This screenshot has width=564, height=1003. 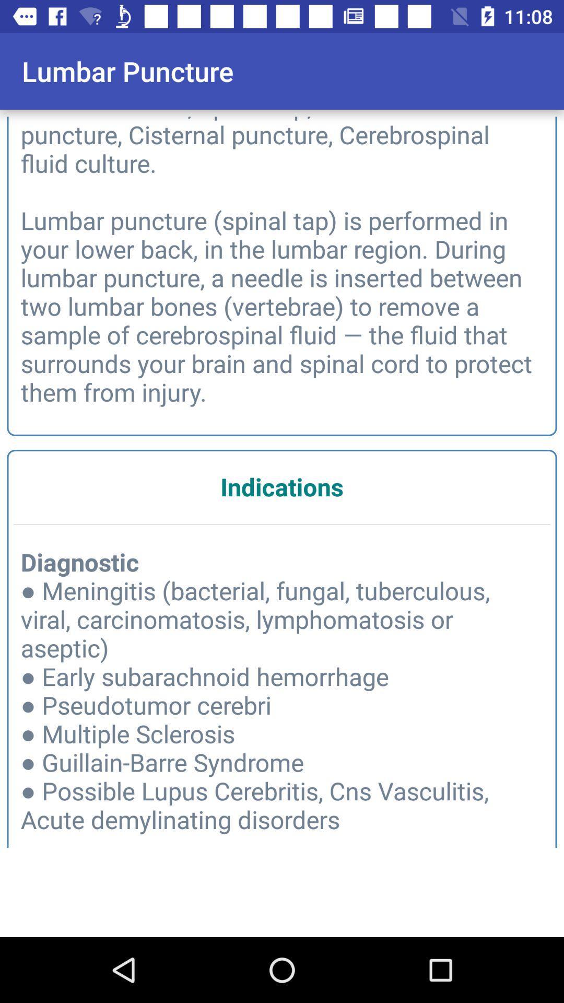 I want to click on the icon above the indications icon, so click(x=282, y=259).